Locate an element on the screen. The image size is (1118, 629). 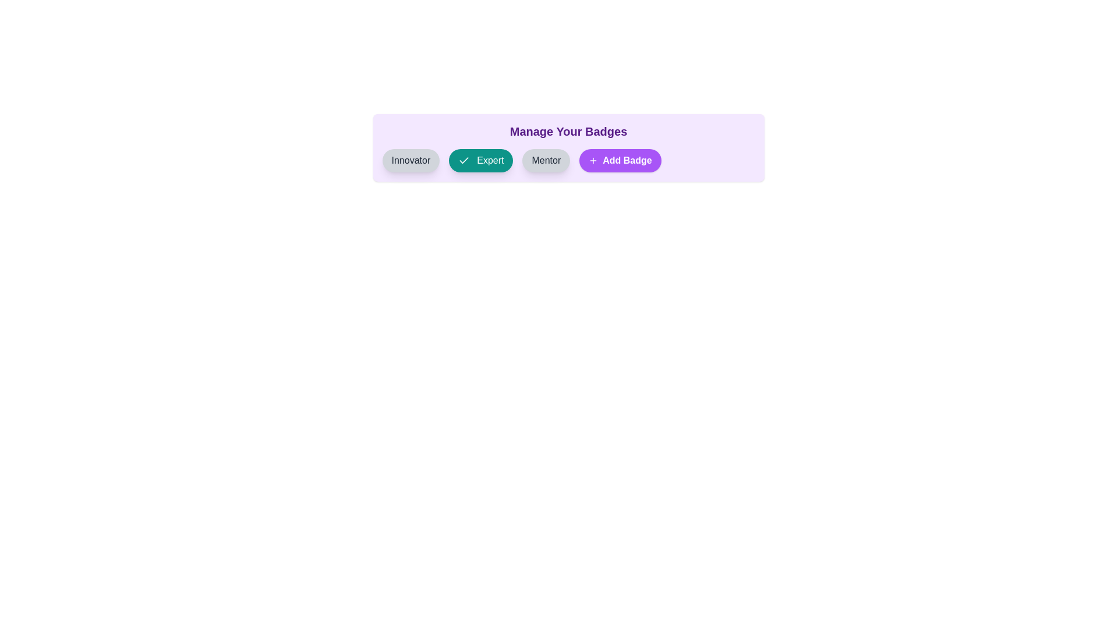
the badge labeled Expert to observe its hover effect is located at coordinates (481, 161).